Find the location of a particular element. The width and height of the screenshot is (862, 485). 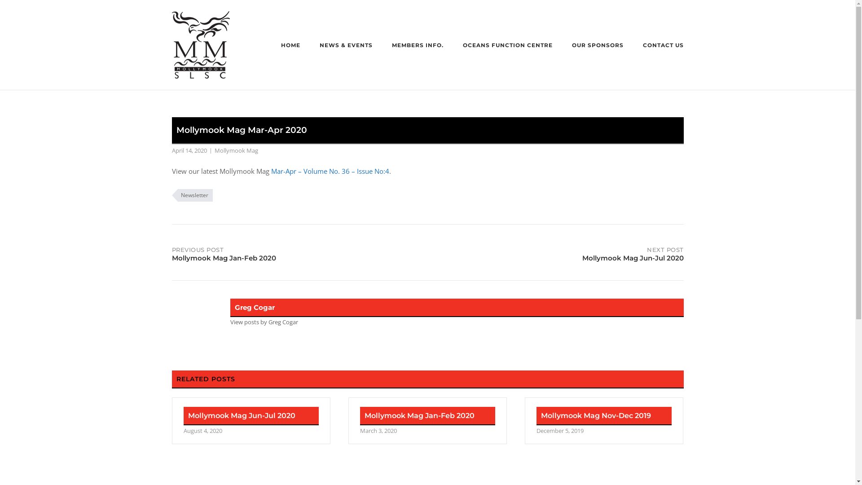

'OUR SPONSORS' is located at coordinates (598, 46).